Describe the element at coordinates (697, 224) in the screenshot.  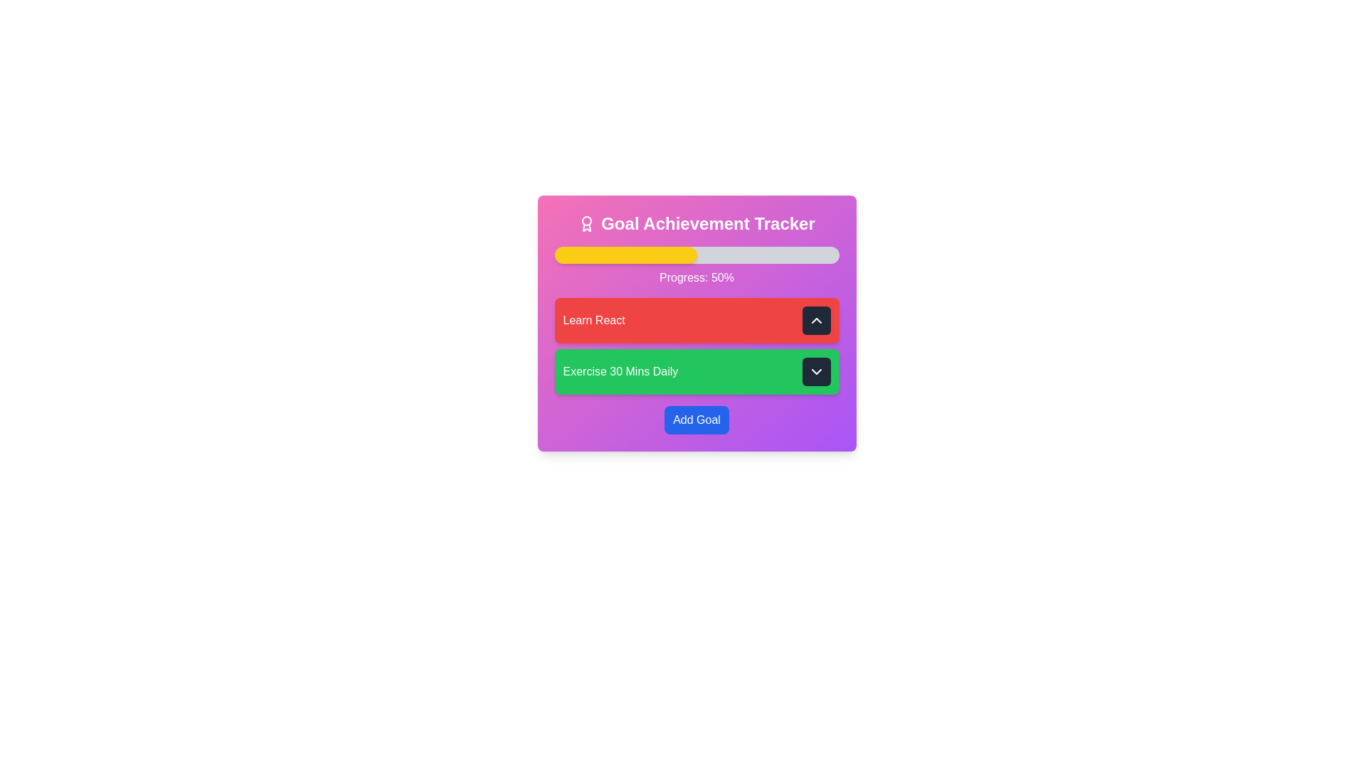
I see `the Text display with icon header located at the top center of the card-like structure, which serves as a title for the section` at that location.